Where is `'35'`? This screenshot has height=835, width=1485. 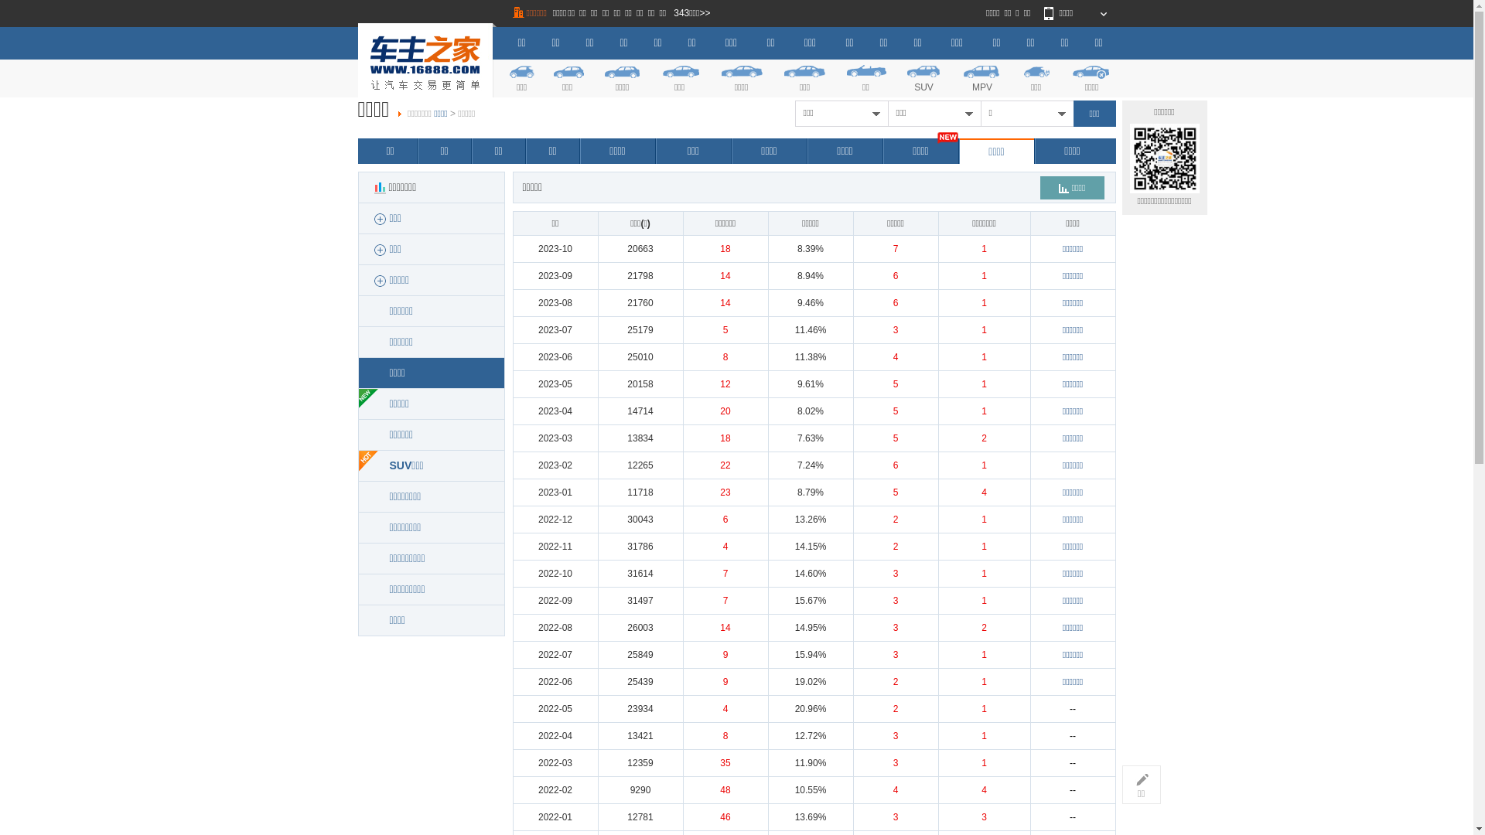
'35' is located at coordinates (724, 762).